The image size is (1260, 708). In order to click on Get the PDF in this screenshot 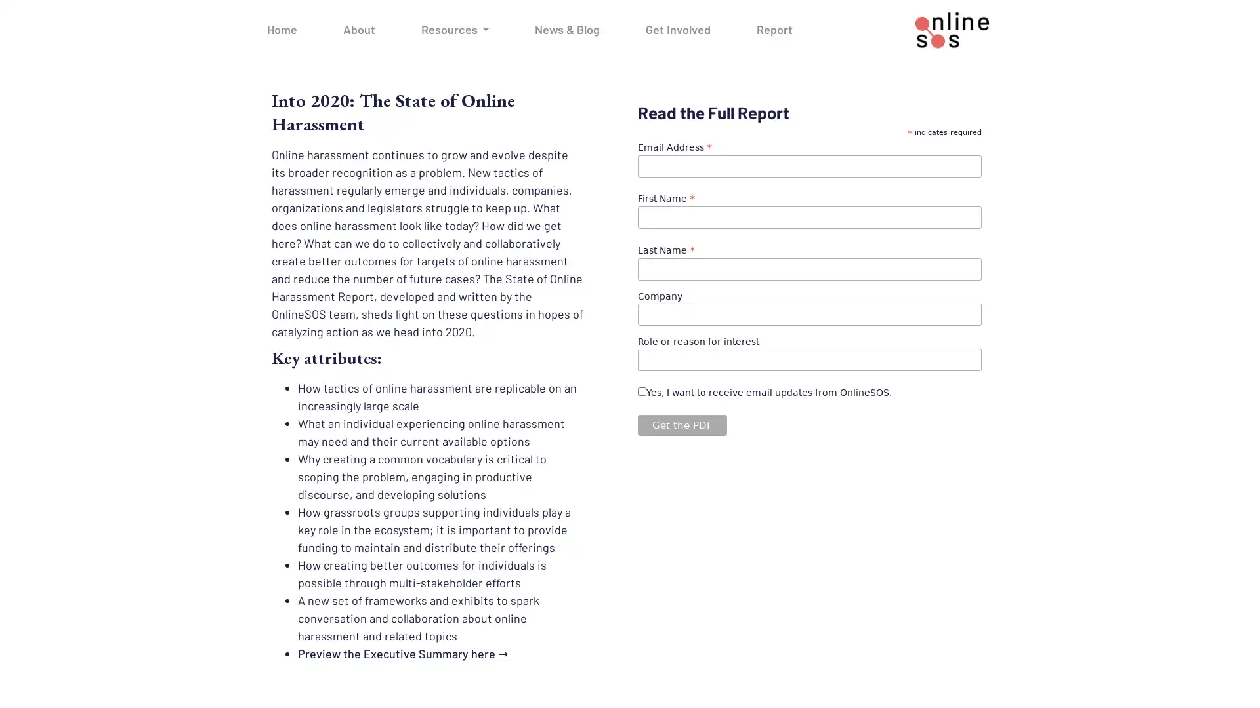, I will do `click(682, 425)`.